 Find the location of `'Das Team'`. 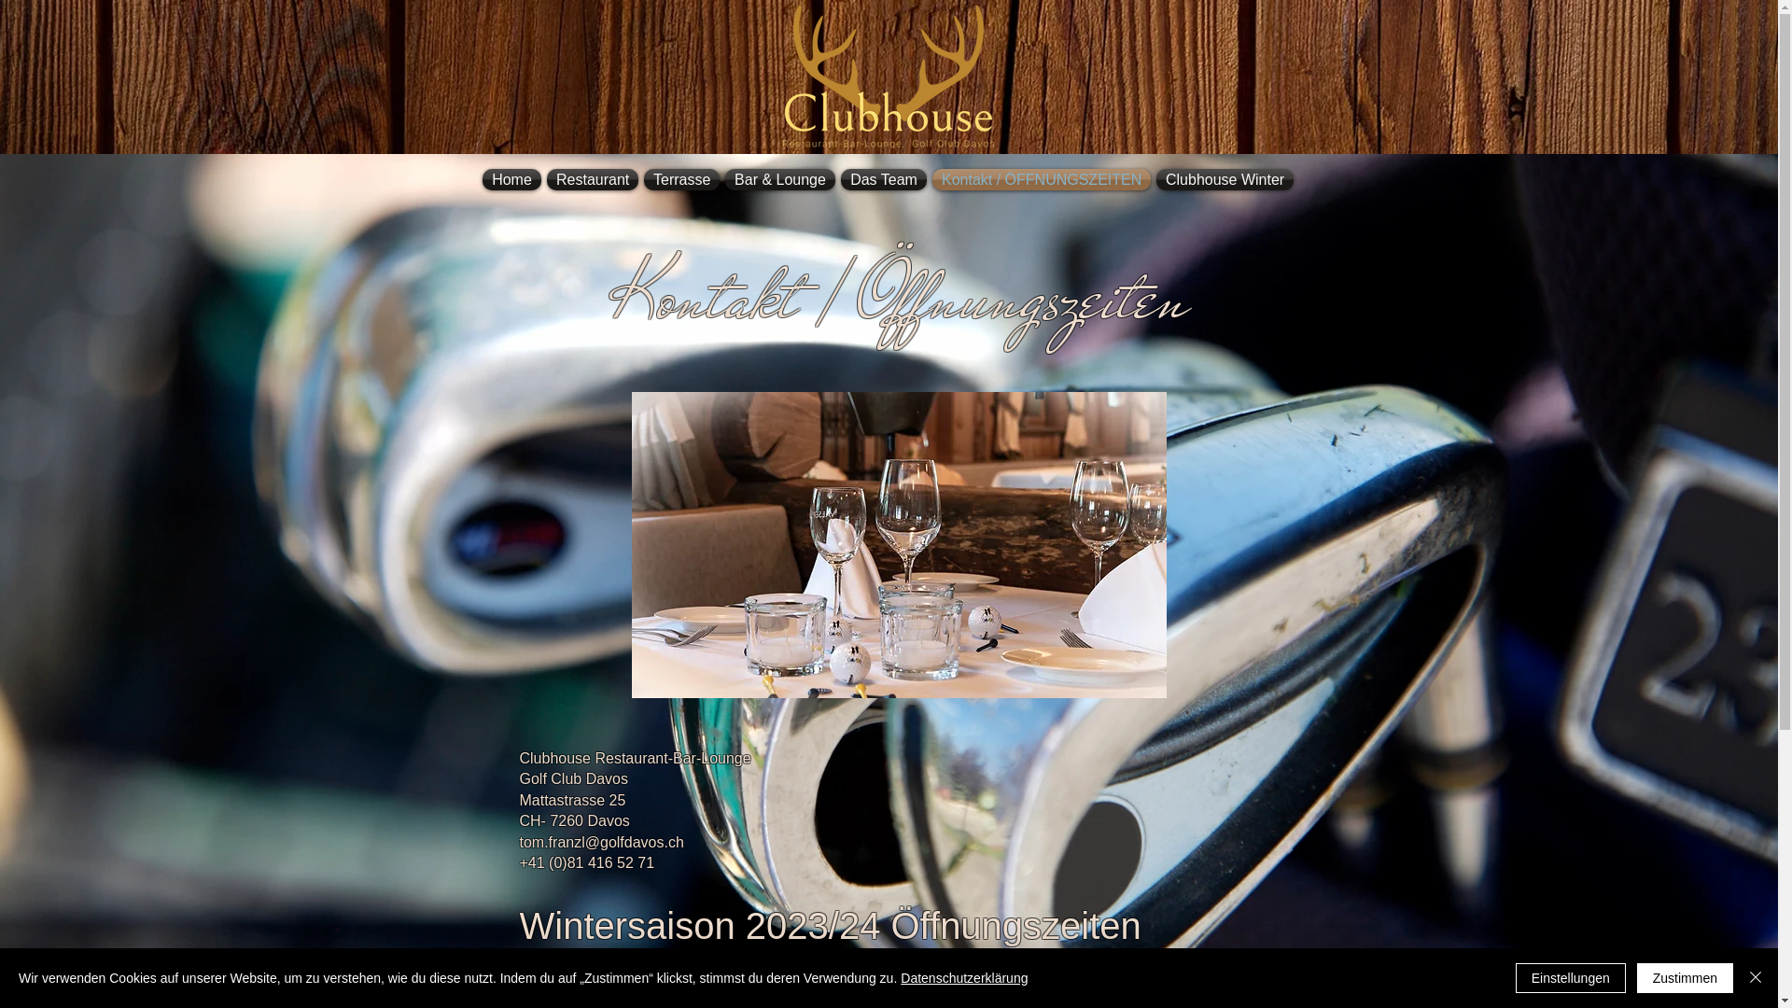

'Das Team' is located at coordinates (836, 179).